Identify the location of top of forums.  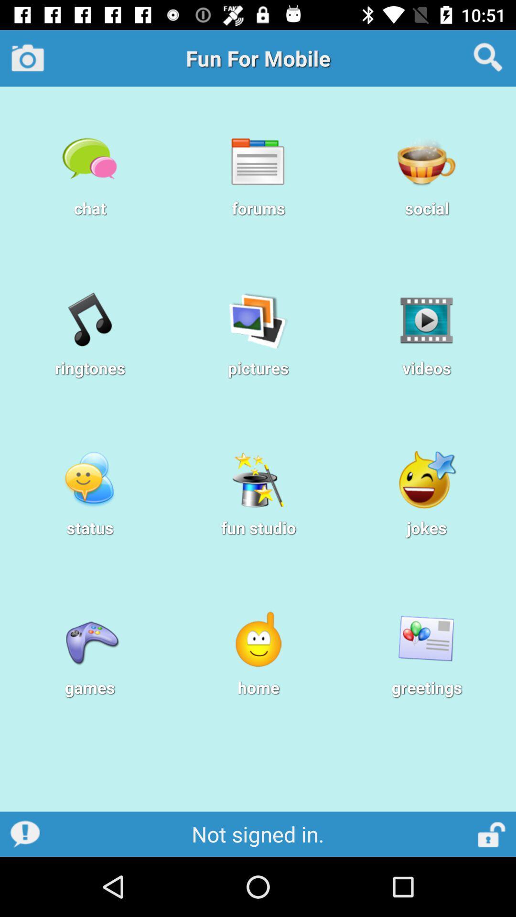
(258, 160).